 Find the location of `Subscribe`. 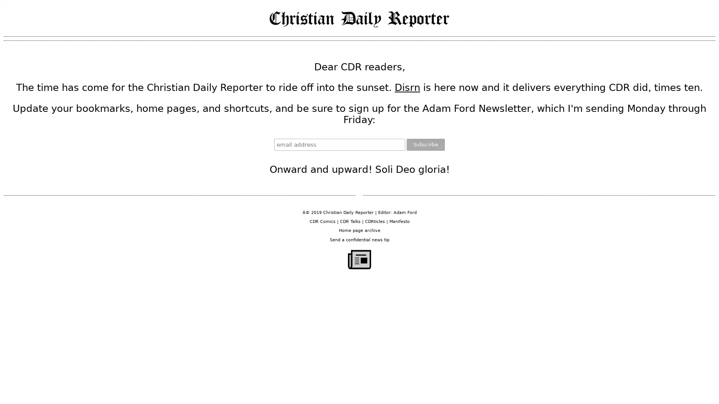

Subscribe is located at coordinates (425, 144).